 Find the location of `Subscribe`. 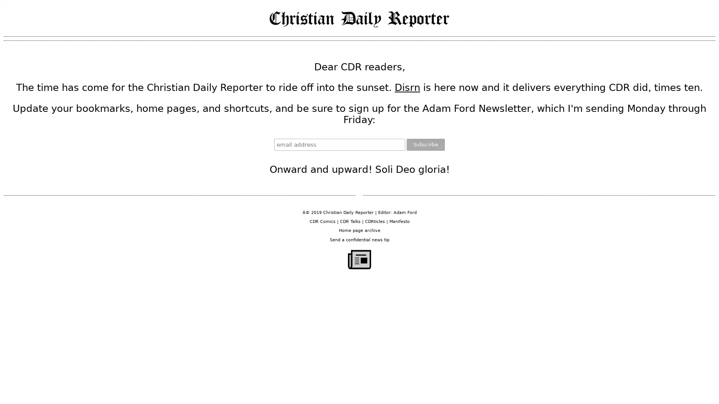

Subscribe is located at coordinates (425, 144).